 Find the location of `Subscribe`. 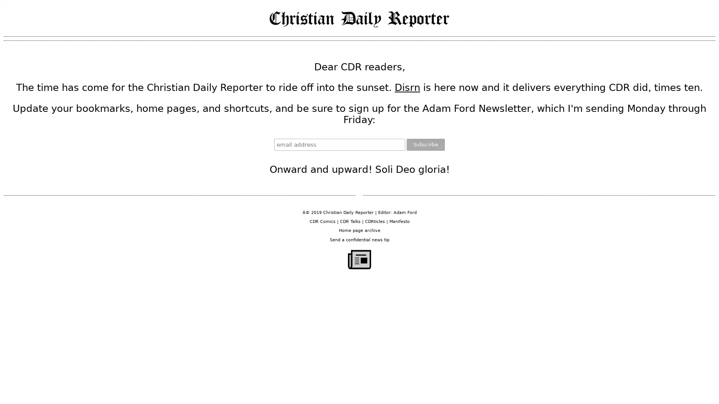

Subscribe is located at coordinates (425, 144).